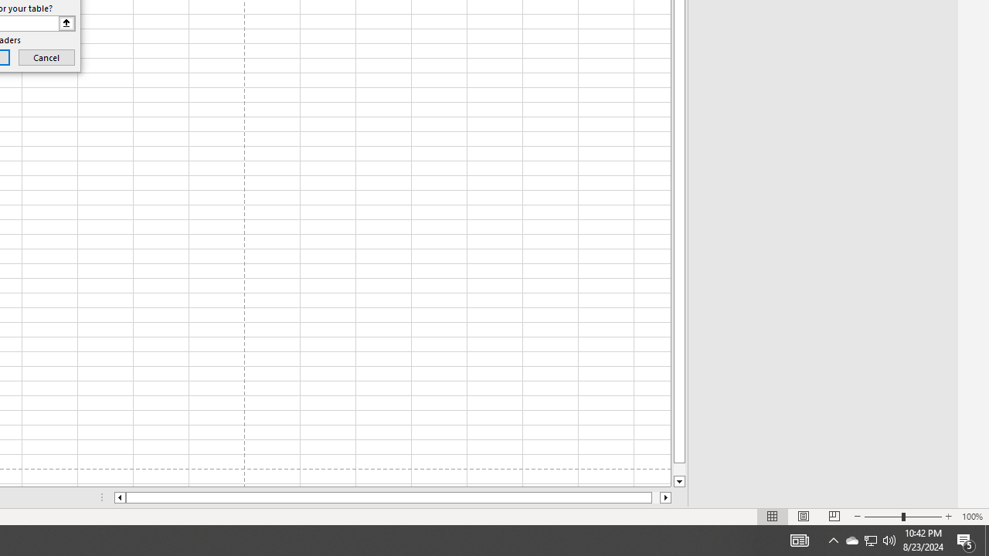 The width and height of the screenshot is (989, 556). Describe the element at coordinates (666, 497) in the screenshot. I see `'Column right'` at that location.